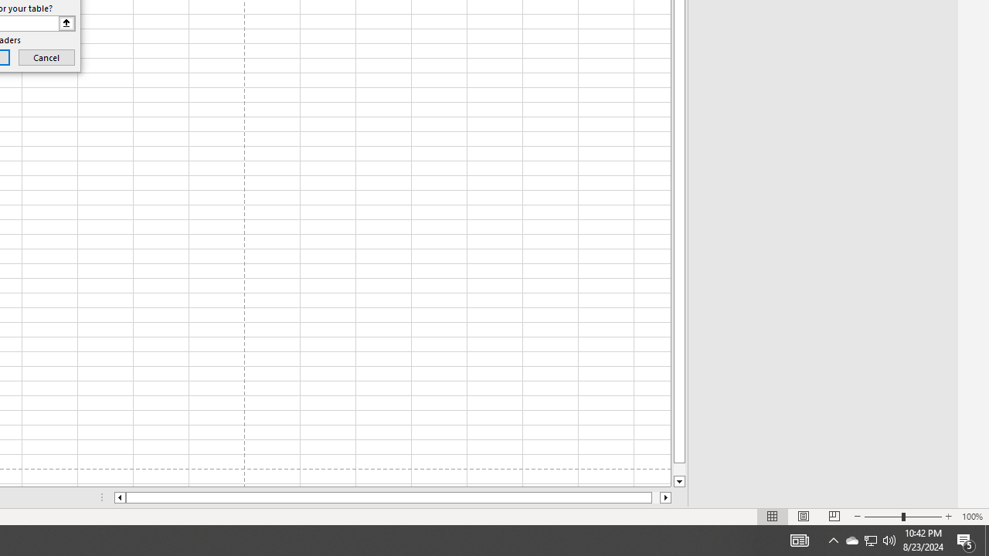 The width and height of the screenshot is (989, 556). Describe the element at coordinates (666, 497) in the screenshot. I see `'Column right'` at that location.